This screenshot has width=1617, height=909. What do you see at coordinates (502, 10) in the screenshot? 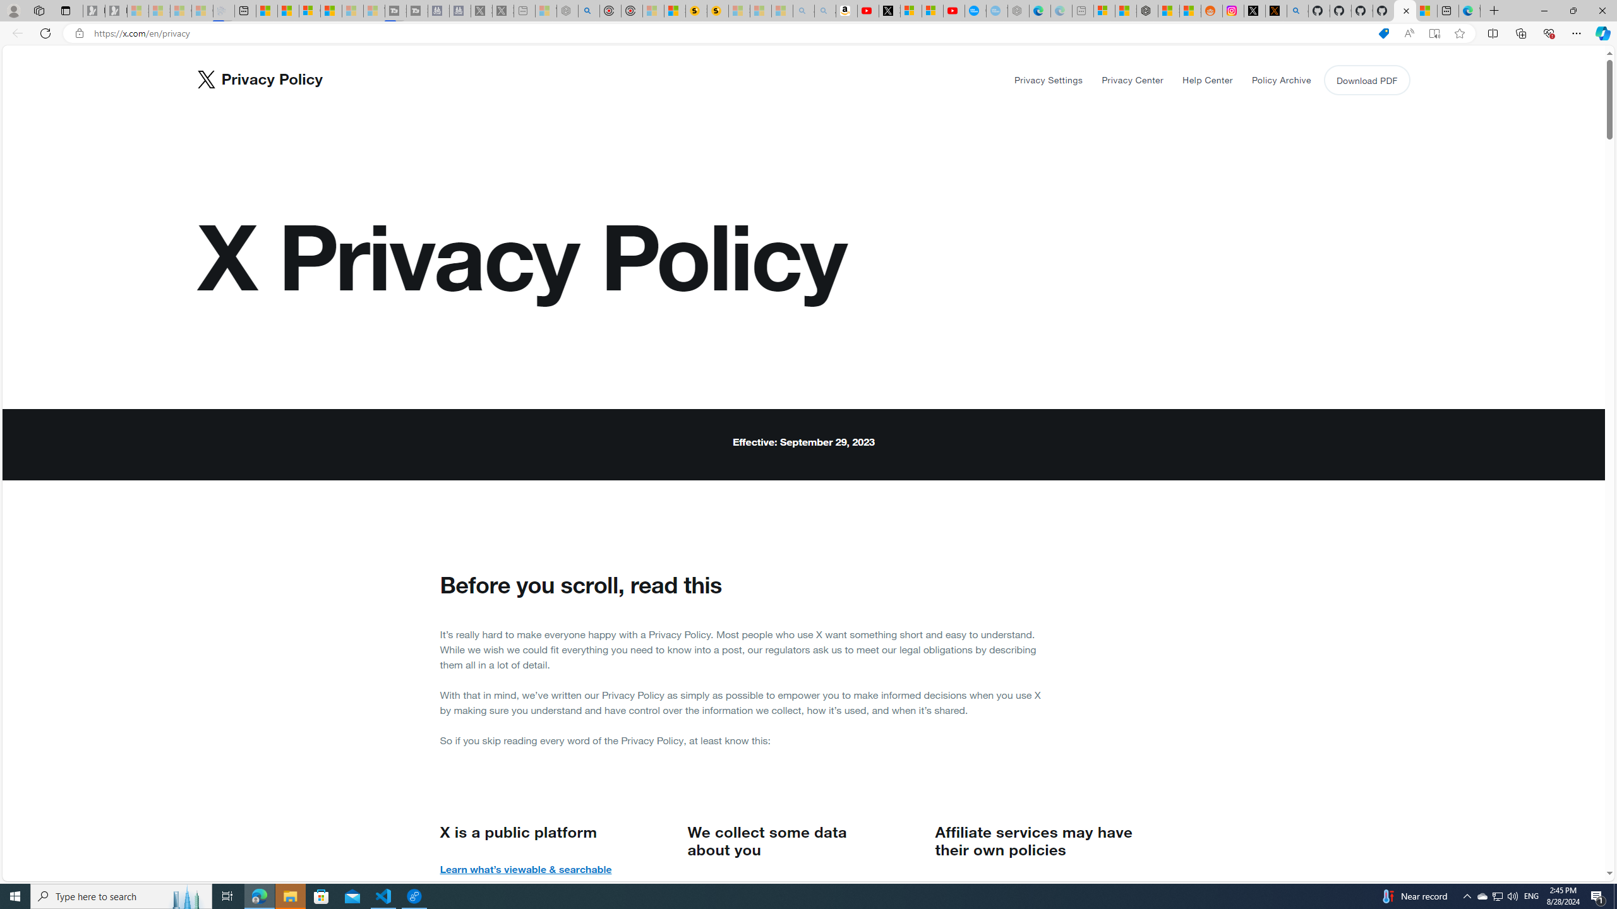
I see `'X - Sleeping'` at bounding box center [502, 10].